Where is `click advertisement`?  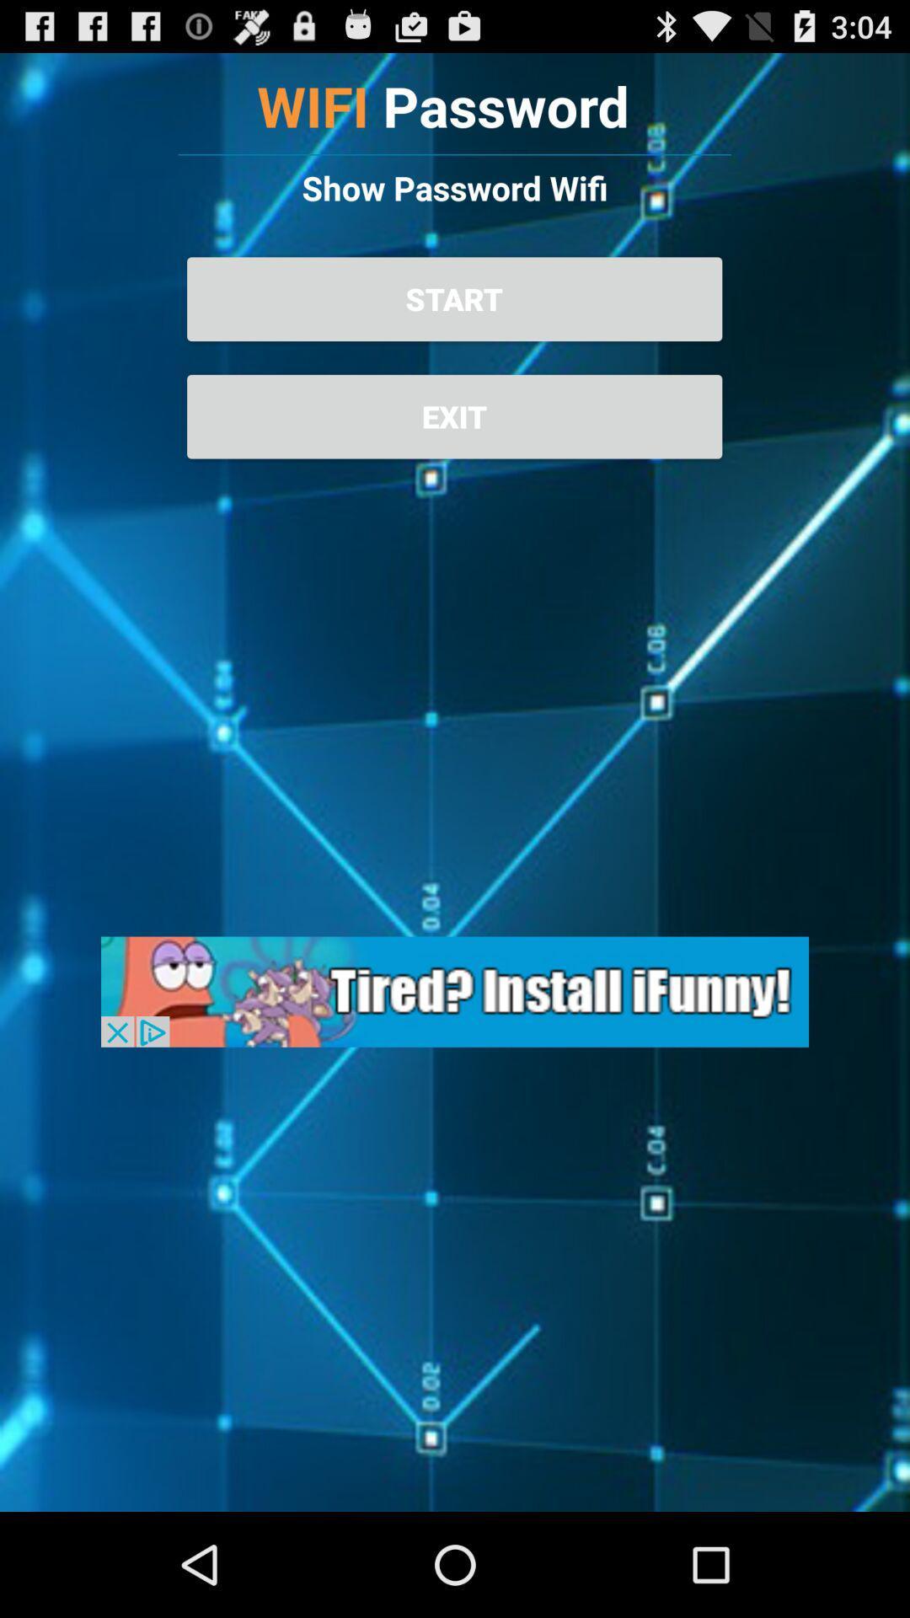
click advertisement is located at coordinates (455, 992).